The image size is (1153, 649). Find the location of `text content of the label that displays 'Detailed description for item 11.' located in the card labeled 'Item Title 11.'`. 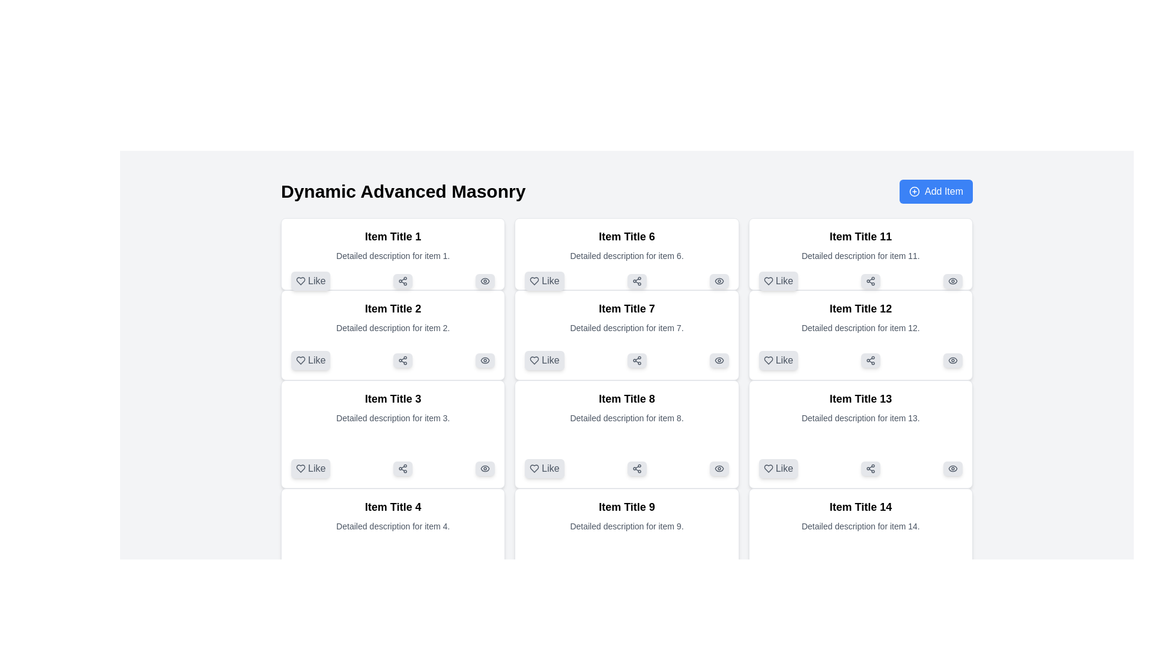

text content of the label that displays 'Detailed description for item 11.' located in the card labeled 'Item Title 11.' is located at coordinates (860, 255).